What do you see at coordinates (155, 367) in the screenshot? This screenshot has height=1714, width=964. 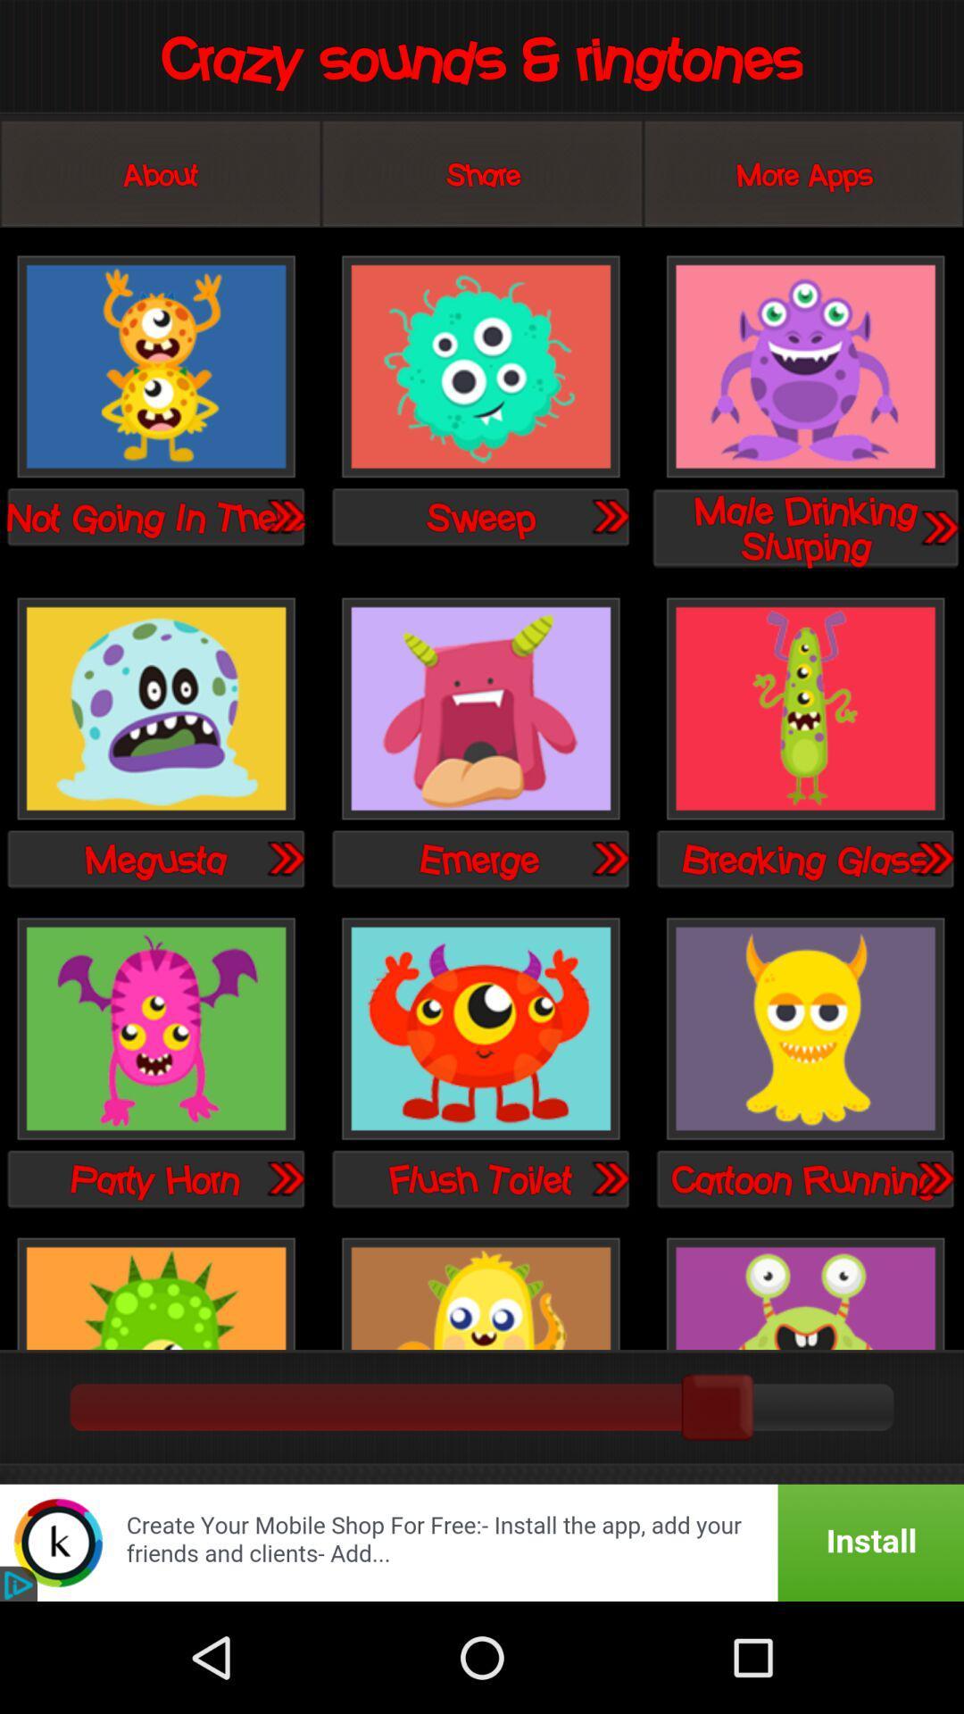 I see `this option is to trigger a different sound` at bounding box center [155, 367].